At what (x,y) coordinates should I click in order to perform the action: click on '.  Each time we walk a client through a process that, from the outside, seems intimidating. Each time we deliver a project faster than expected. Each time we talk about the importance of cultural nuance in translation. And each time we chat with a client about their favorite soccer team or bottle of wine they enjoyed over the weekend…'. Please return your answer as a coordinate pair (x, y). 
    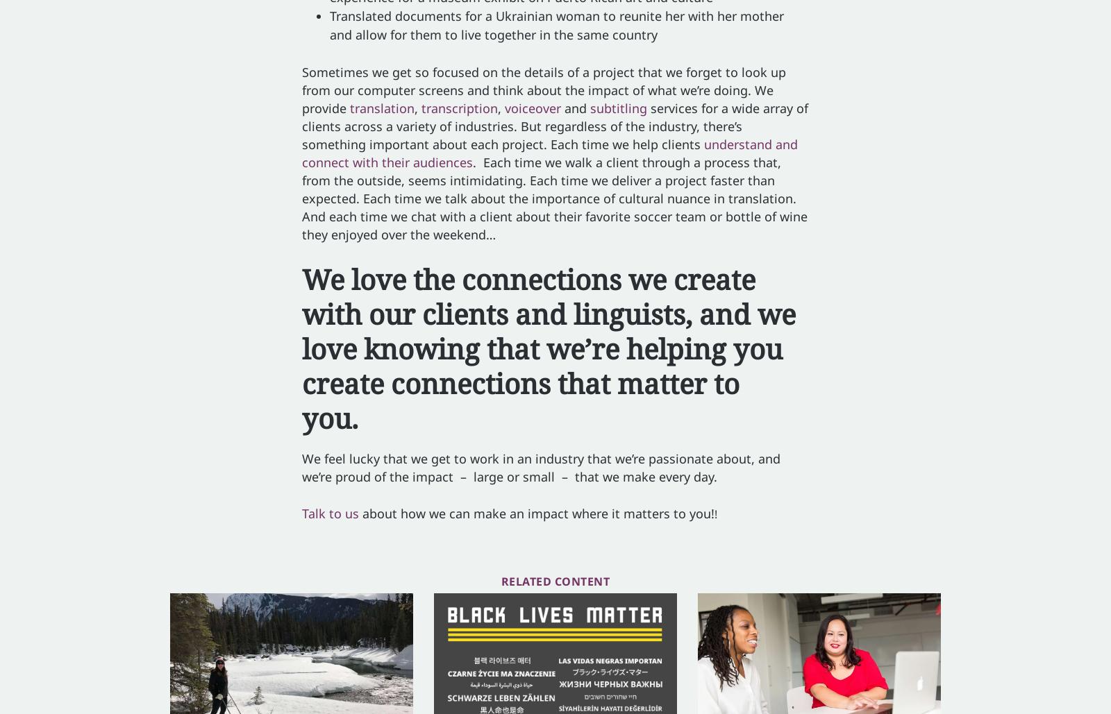
    Looking at the image, I should click on (301, 197).